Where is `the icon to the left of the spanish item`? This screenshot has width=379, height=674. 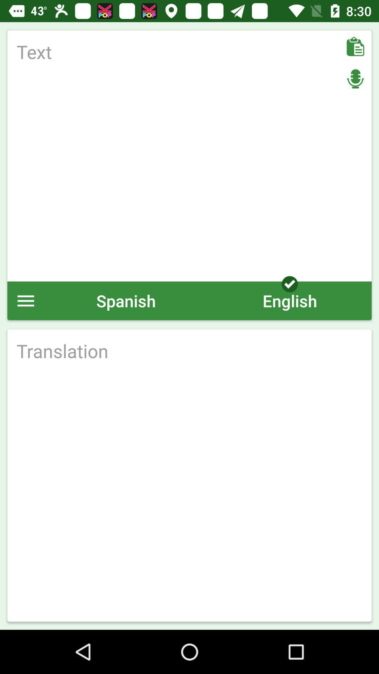 the icon to the left of the spanish item is located at coordinates (25, 300).